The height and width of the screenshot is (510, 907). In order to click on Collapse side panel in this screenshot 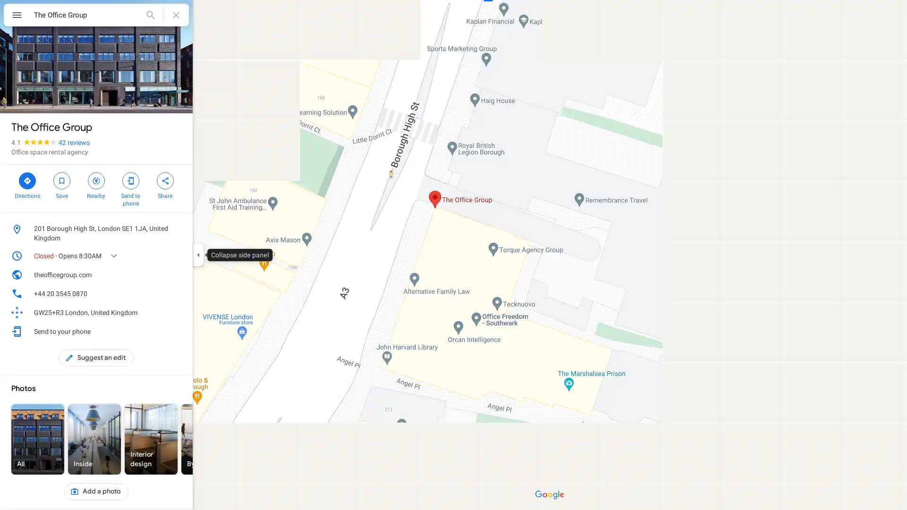, I will do `click(197, 255)`.